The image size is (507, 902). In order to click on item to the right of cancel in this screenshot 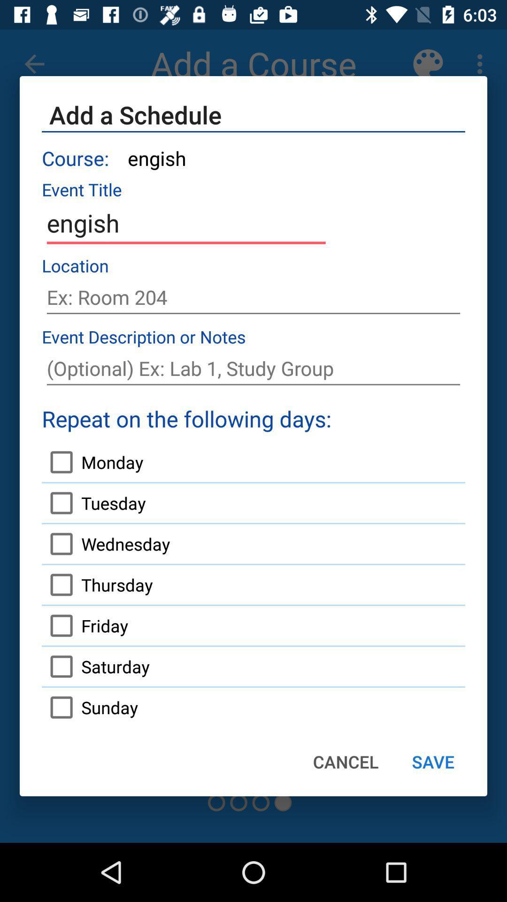, I will do `click(433, 762)`.